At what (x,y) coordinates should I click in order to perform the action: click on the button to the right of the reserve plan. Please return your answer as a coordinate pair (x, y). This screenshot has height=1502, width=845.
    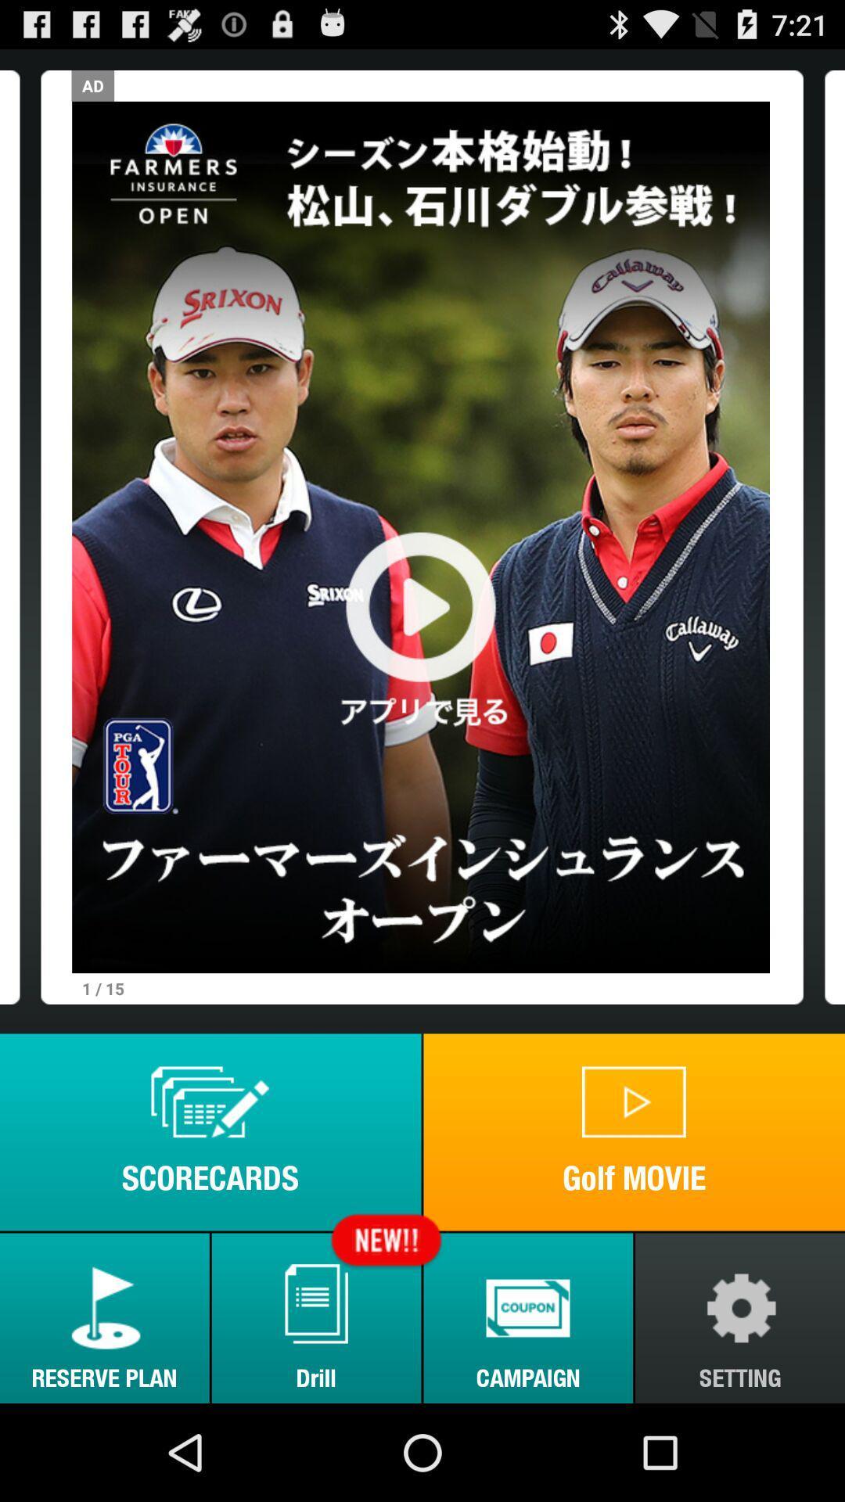
    Looking at the image, I should click on (316, 1317).